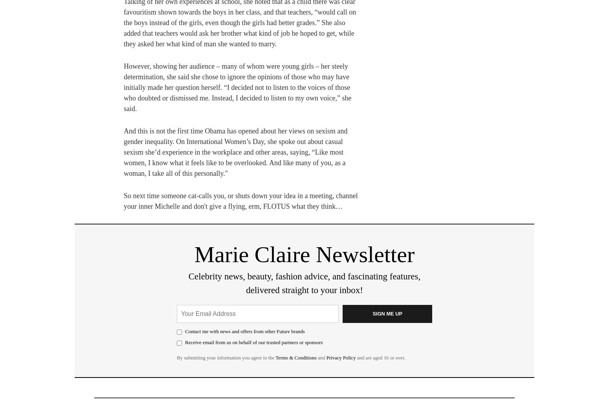  What do you see at coordinates (237, 87) in the screenshot?
I see `'However, showing her audience – many of whom were young girls – her steely determination, she said she chose to ignore the opinions of those who may have initially made her question herself. “I decided not to listen to the voices of those who doubted or dismissed me. Instead, I decided to listen to my own voice,” she said.'` at bounding box center [237, 87].